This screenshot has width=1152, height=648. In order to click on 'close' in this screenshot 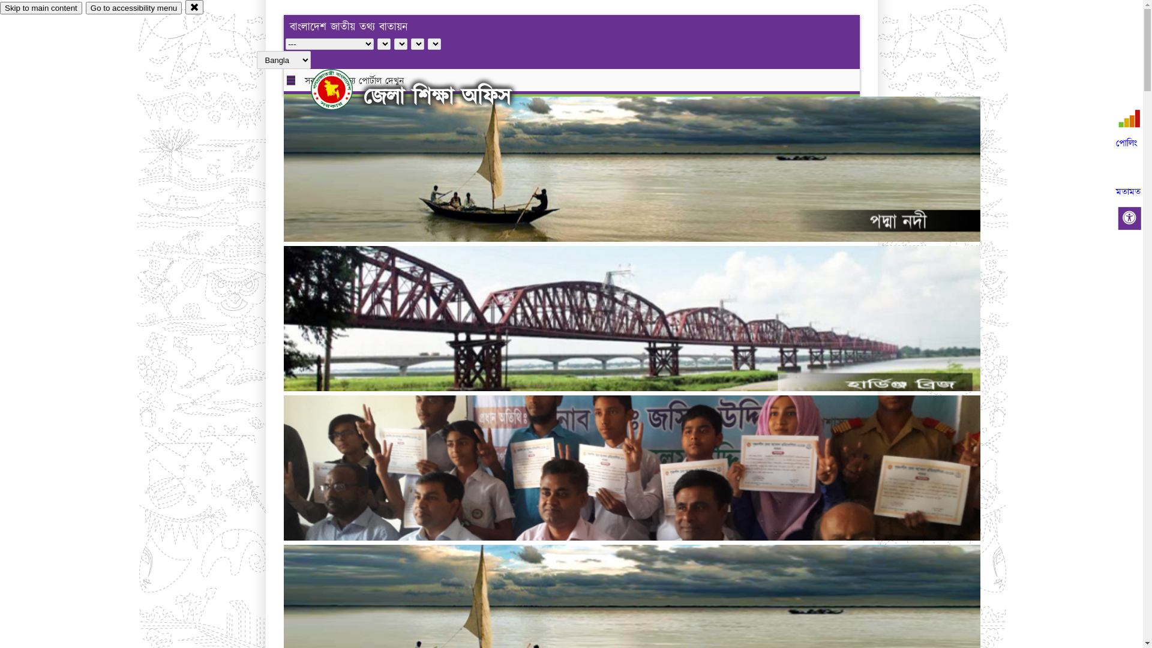, I will do `click(184, 7)`.